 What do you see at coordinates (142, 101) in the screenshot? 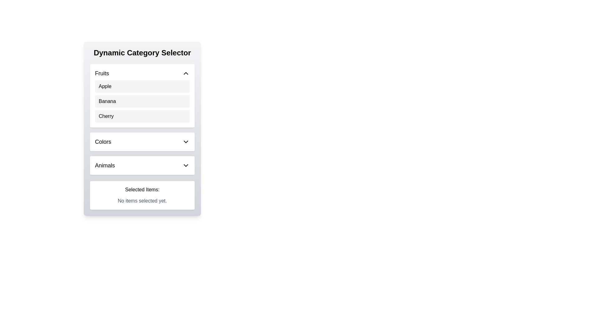
I see `the second item in the dropdown list, which is a light gray rectangular block labeled 'Banana'` at bounding box center [142, 101].